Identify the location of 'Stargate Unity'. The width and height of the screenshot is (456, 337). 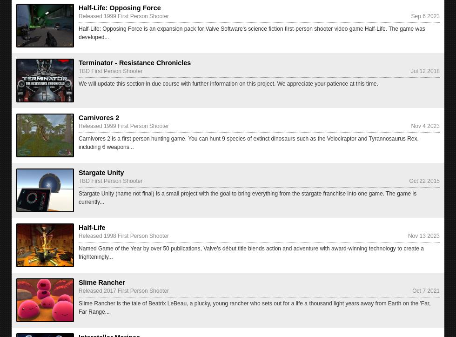
(101, 172).